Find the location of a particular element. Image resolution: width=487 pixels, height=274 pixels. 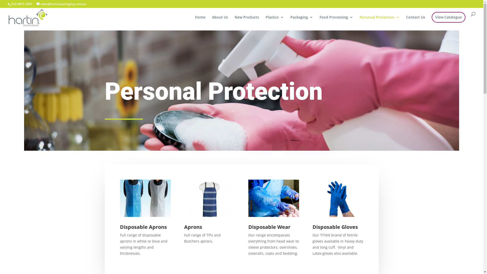

'Aprons' is located at coordinates (184, 227).